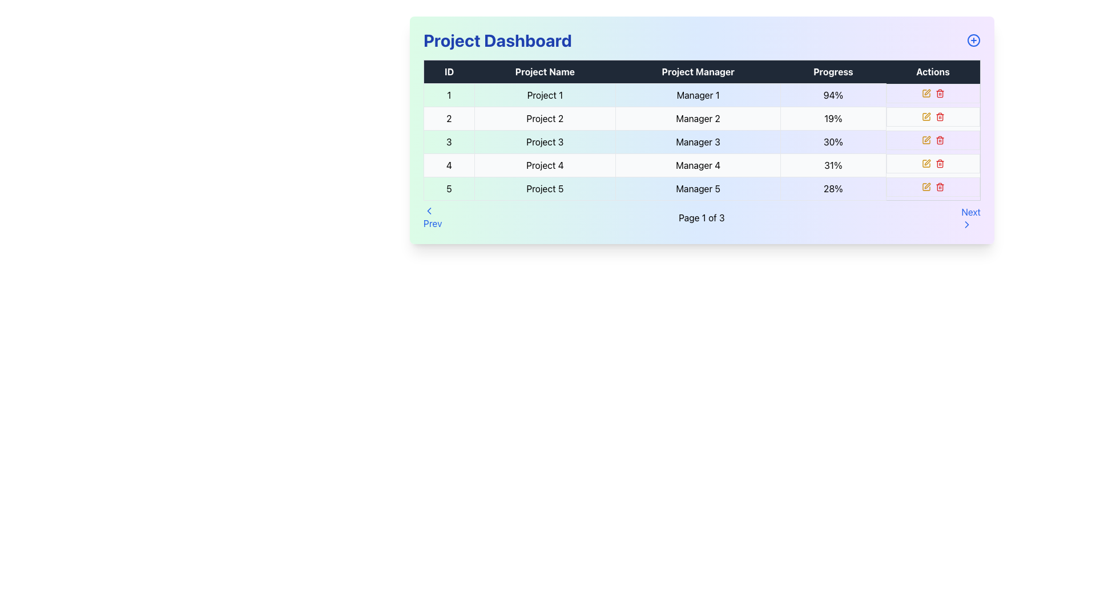  Describe the element at coordinates (544, 188) in the screenshot. I see `the static text indicating the name of the fifth project in the Project Dashboard table, located in the fifth row under the 'Project Name' column` at that location.